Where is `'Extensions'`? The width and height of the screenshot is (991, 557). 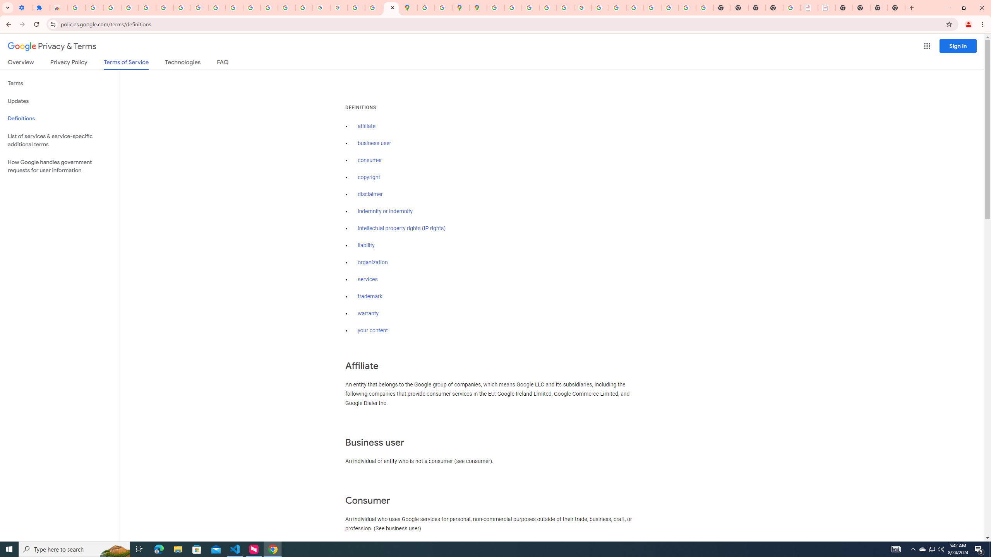 'Extensions' is located at coordinates (41, 7).